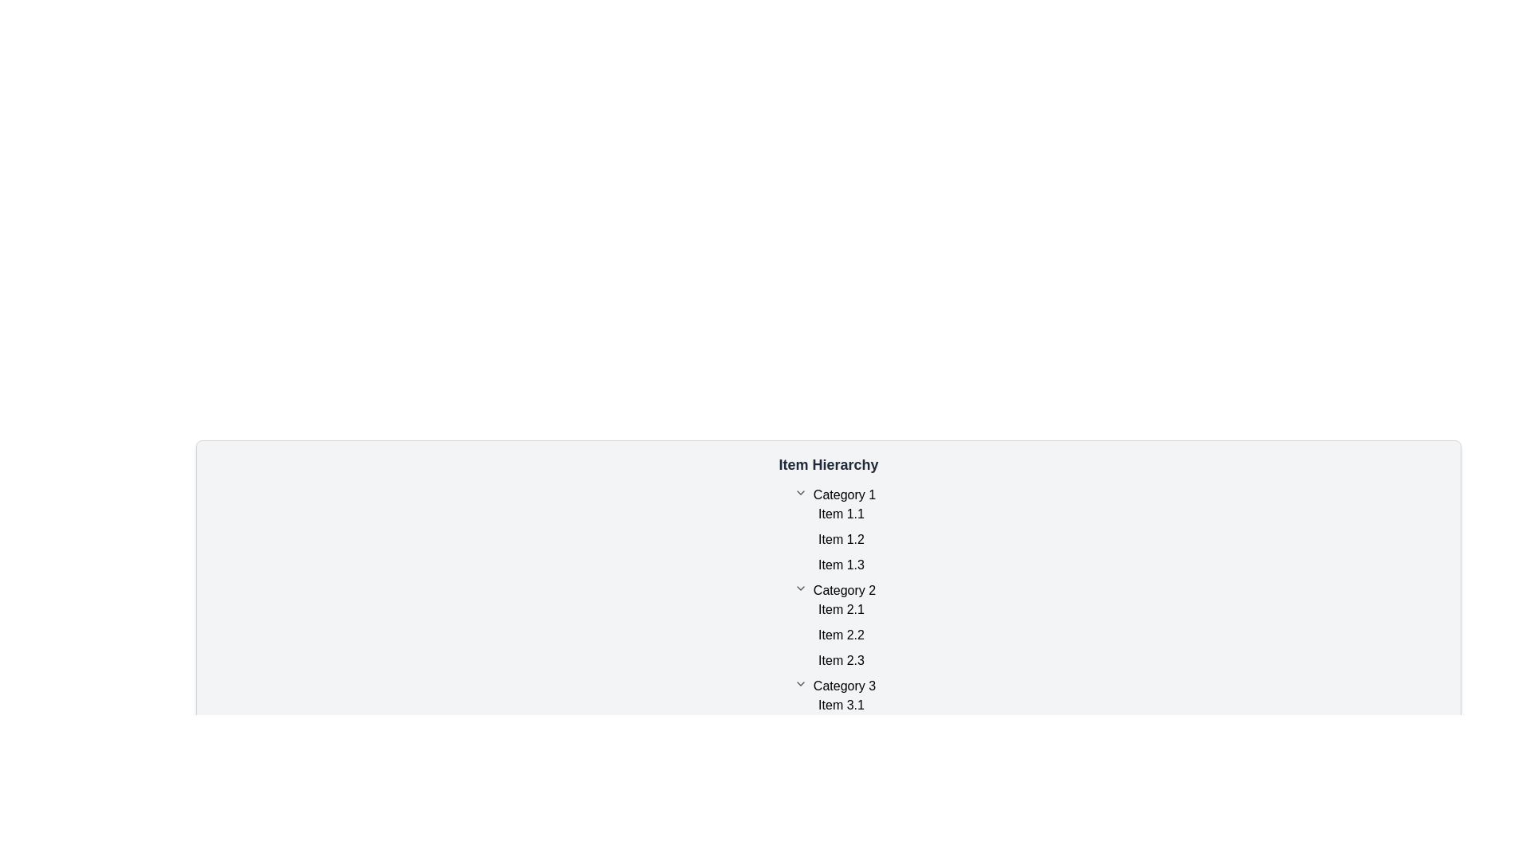 The height and width of the screenshot is (860, 1530). I want to click on the toggle button to the left of 'Category 3', so click(800, 683).